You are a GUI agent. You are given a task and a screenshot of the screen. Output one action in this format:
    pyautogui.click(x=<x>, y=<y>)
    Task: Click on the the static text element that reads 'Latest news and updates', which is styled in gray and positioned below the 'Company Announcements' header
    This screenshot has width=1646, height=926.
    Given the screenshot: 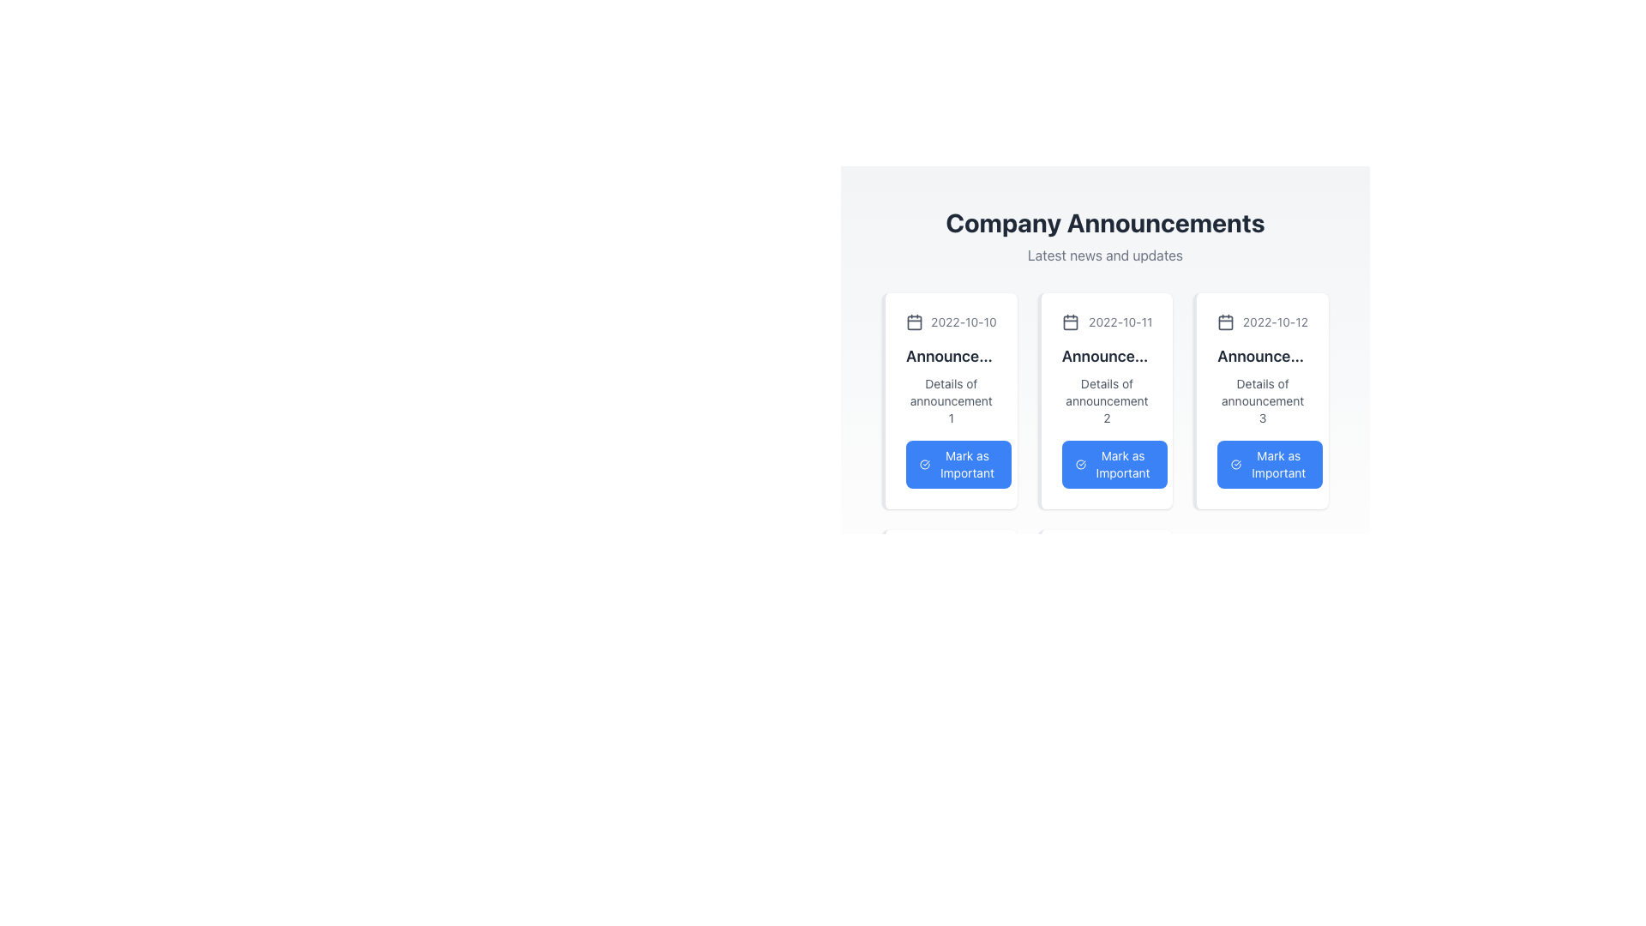 What is the action you would take?
    pyautogui.click(x=1105, y=255)
    